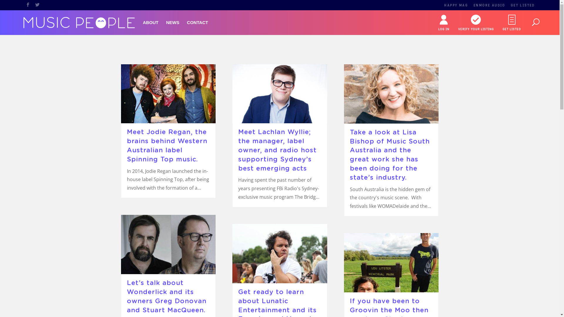 The width and height of the screenshot is (564, 317). I want to click on 'VERIFY YOUR LISTING', so click(458, 22).